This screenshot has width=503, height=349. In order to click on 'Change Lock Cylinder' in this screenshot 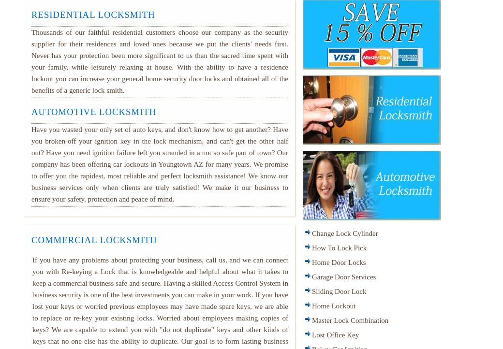, I will do `click(311, 233)`.